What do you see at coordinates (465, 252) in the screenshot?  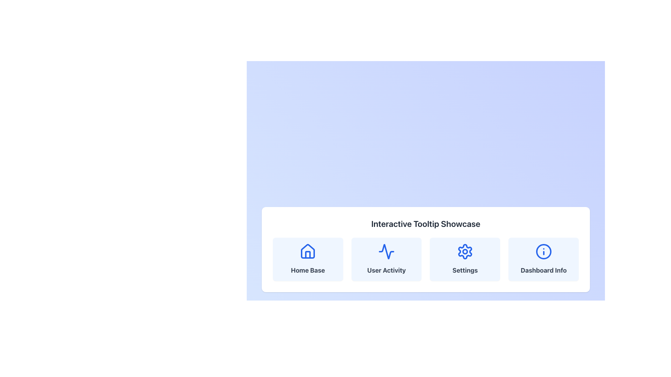 I see `the decorative graphical element, a small filled circle located at the center of the gear settings icon in the lower part of the interface` at bounding box center [465, 252].